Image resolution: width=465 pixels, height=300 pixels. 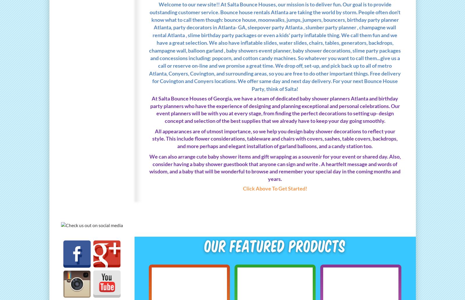 What do you see at coordinates (63, 173) in the screenshot?
I see `'Picnic'` at bounding box center [63, 173].